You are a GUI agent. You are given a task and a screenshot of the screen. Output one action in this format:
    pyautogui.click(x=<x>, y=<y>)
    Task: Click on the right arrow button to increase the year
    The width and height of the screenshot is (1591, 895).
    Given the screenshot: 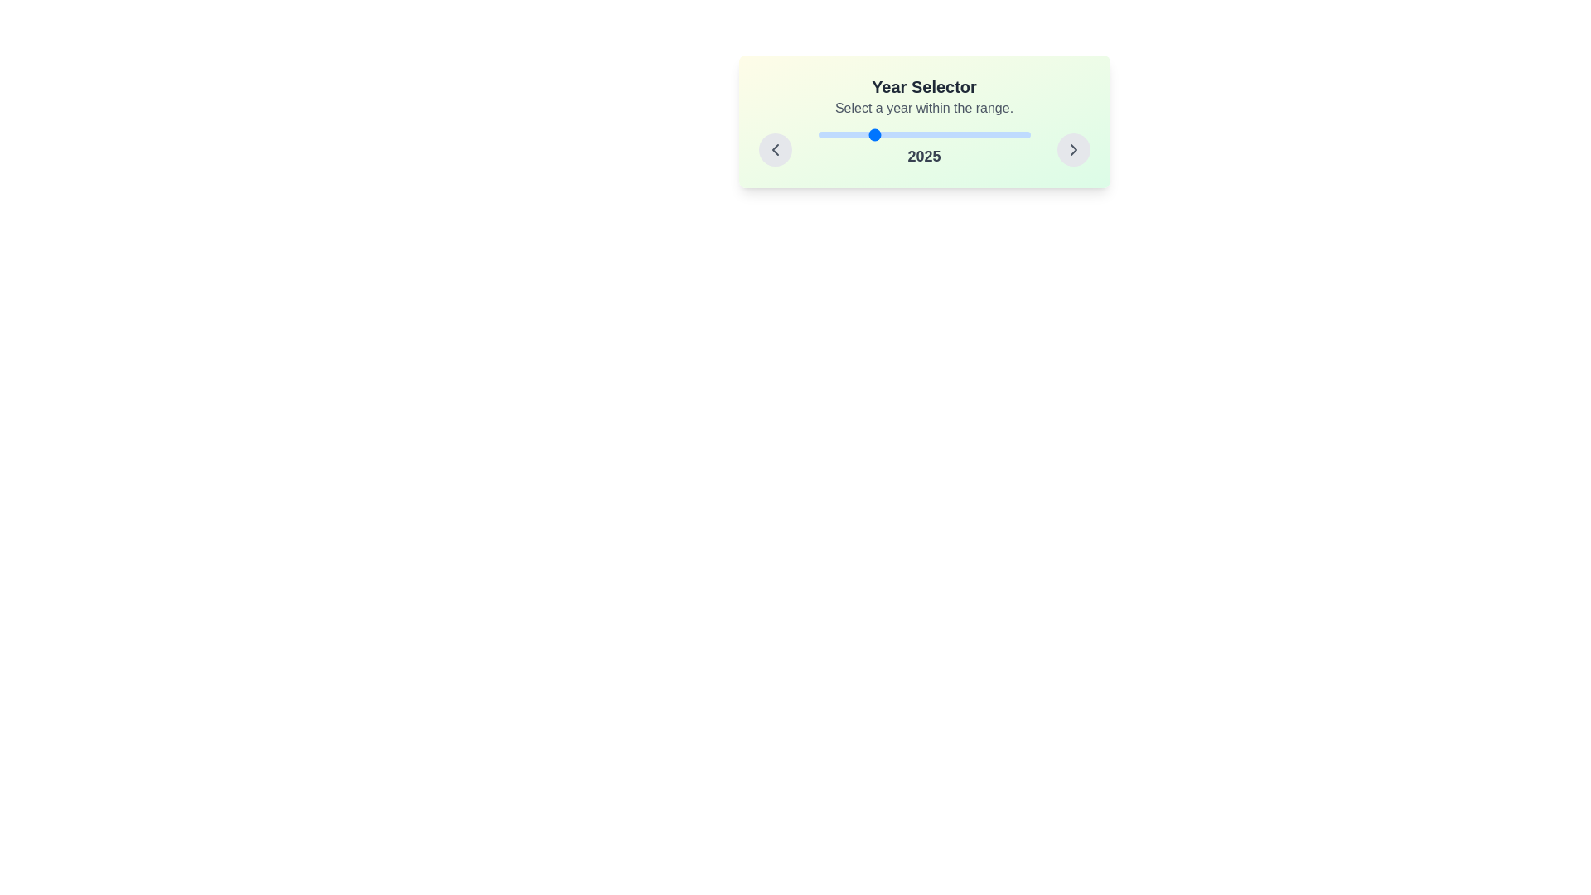 What is the action you would take?
    pyautogui.click(x=1073, y=150)
    